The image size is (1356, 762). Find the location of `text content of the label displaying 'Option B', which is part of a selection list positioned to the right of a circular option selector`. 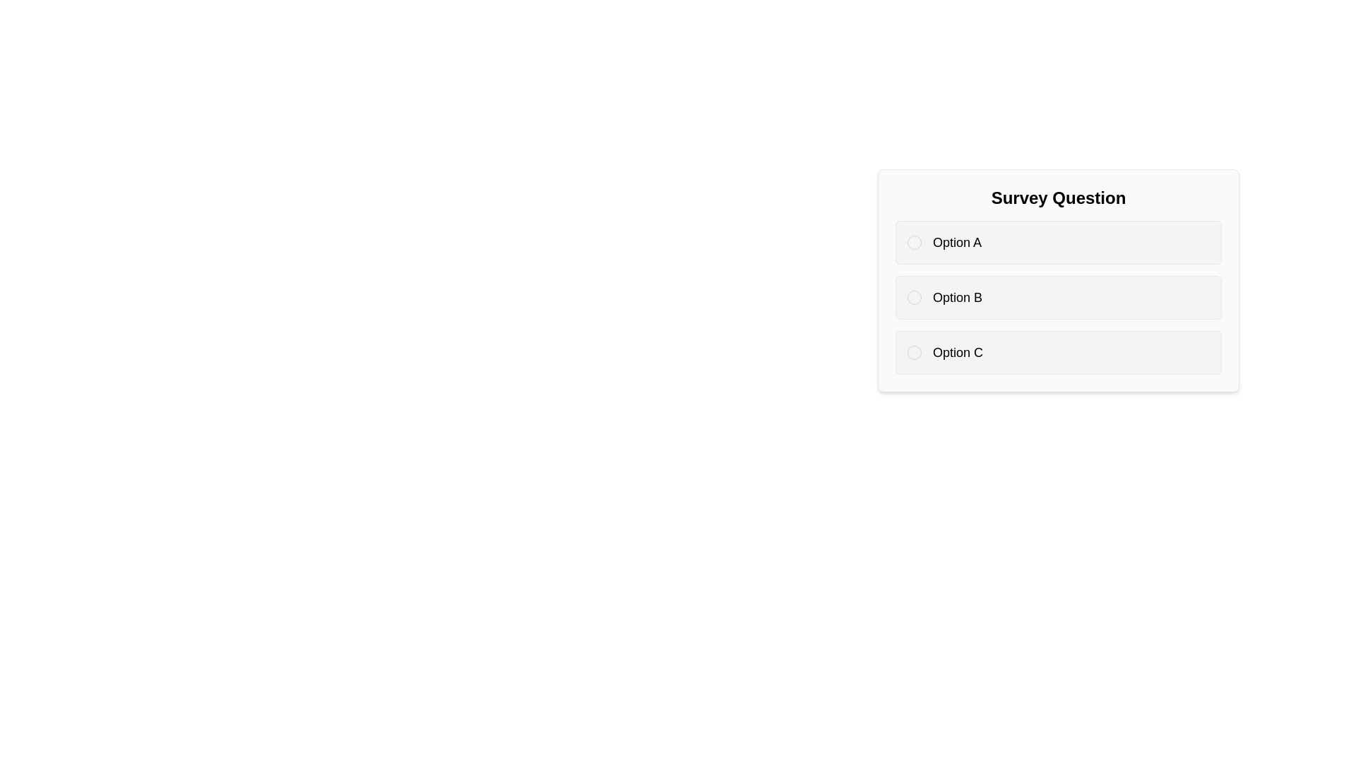

text content of the label displaying 'Option B', which is part of a selection list positioned to the right of a circular option selector is located at coordinates (958, 296).